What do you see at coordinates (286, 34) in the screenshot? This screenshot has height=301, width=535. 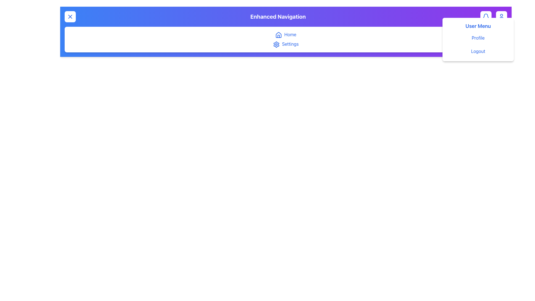 I see `the 'Home' text link with icon, which is styled in blue and positioned to the right of a house icon, to underline the text` at bounding box center [286, 34].